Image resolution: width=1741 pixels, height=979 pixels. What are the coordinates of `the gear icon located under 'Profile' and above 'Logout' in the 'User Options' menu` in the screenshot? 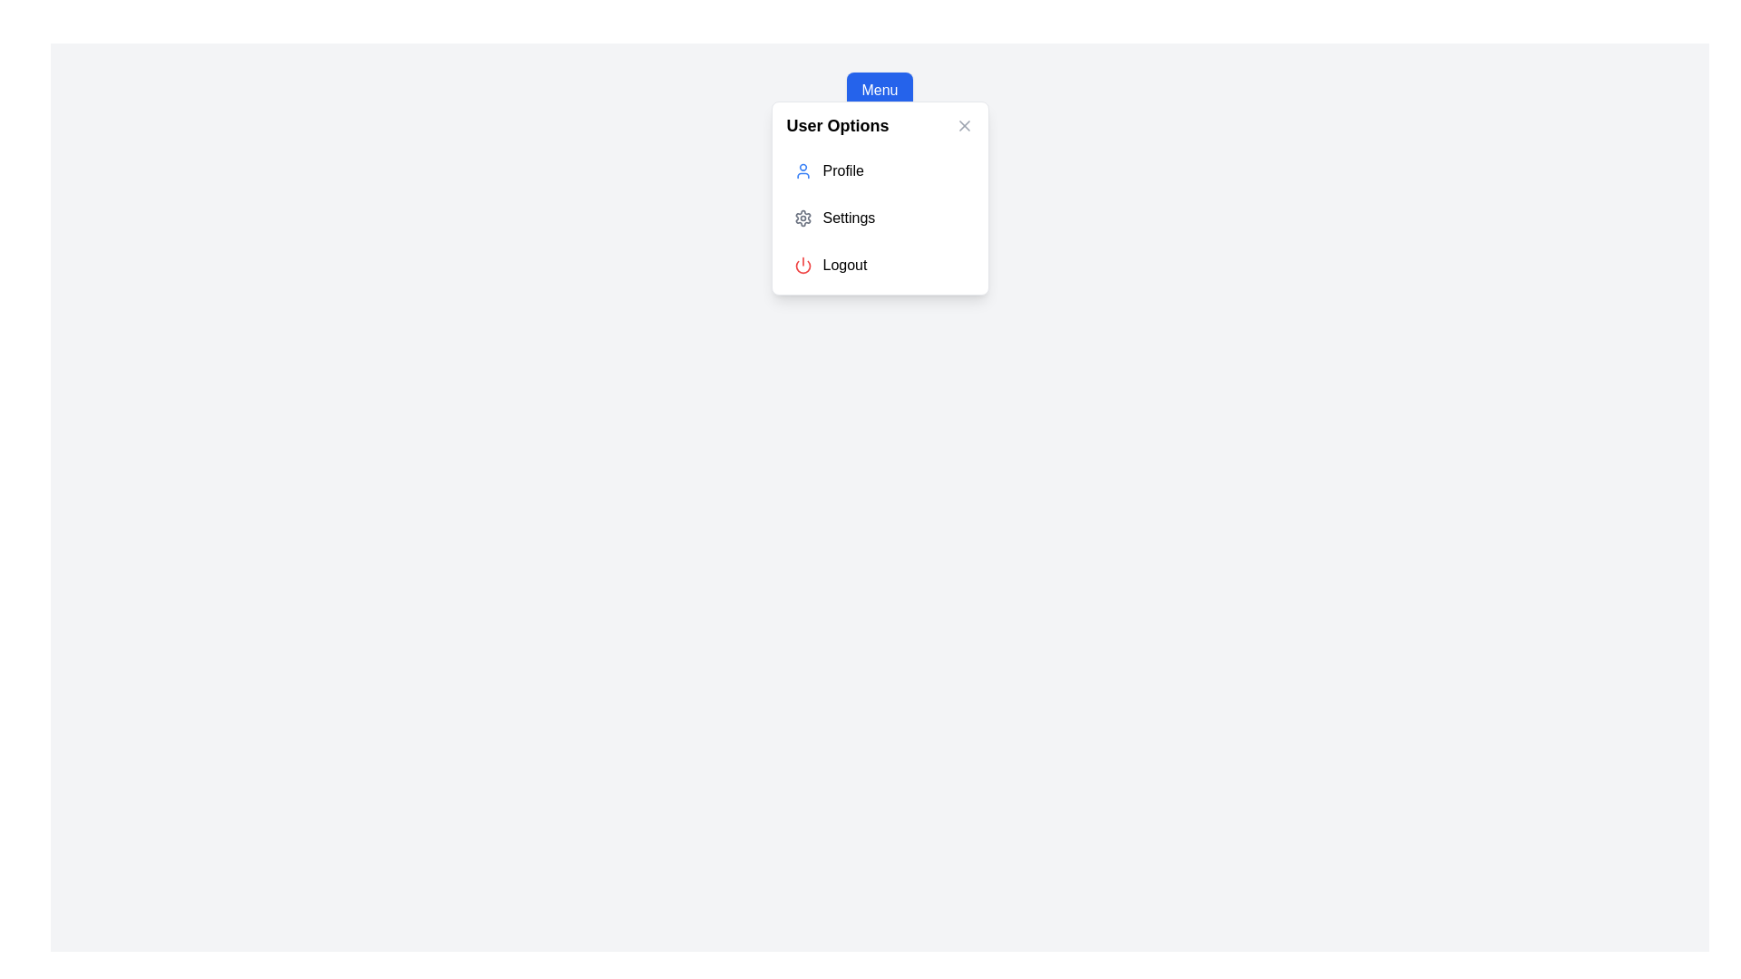 It's located at (802, 217).